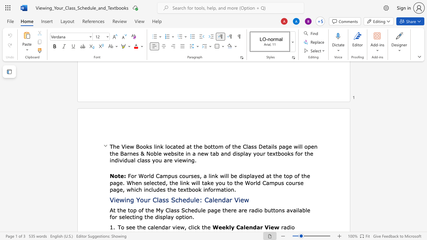  I want to click on the space between the continuous character "o" and "k" in the text, so click(146, 146).